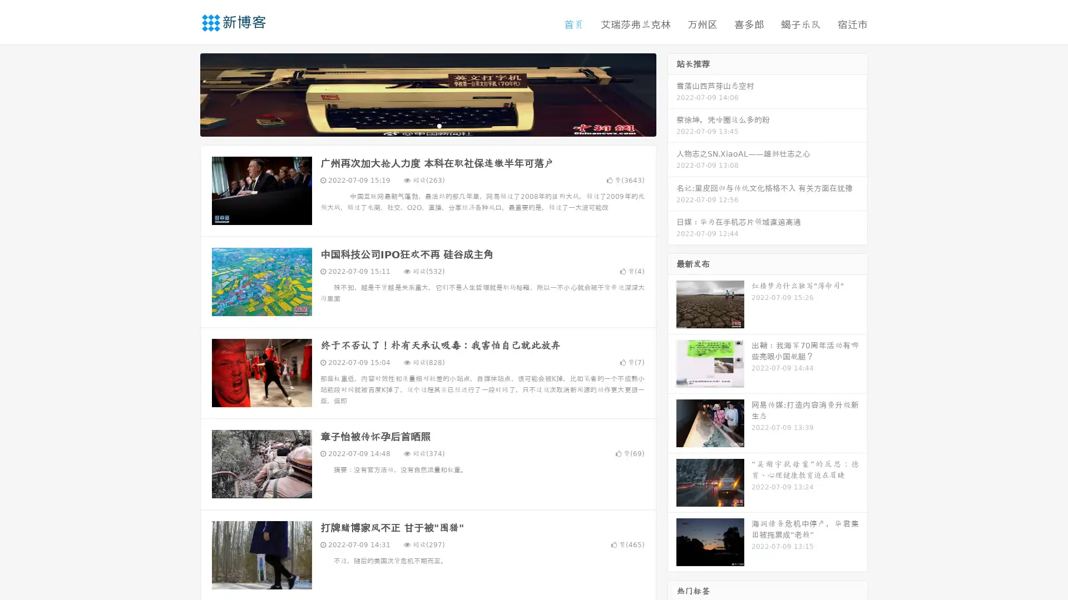 The image size is (1068, 600). What do you see at coordinates (427, 125) in the screenshot?
I see `Go to slide 2` at bounding box center [427, 125].